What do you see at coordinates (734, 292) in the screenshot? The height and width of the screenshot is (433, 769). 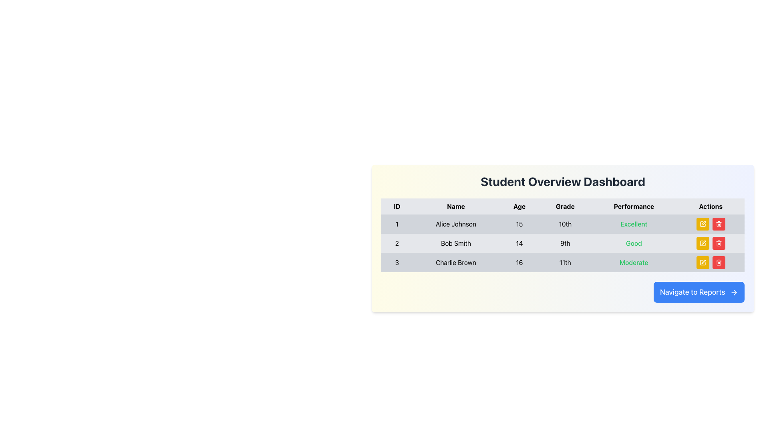 I see `the visual indicator icon positioned on the rightmost side of the 'Navigate to Reports' button` at bounding box center [734, 292].